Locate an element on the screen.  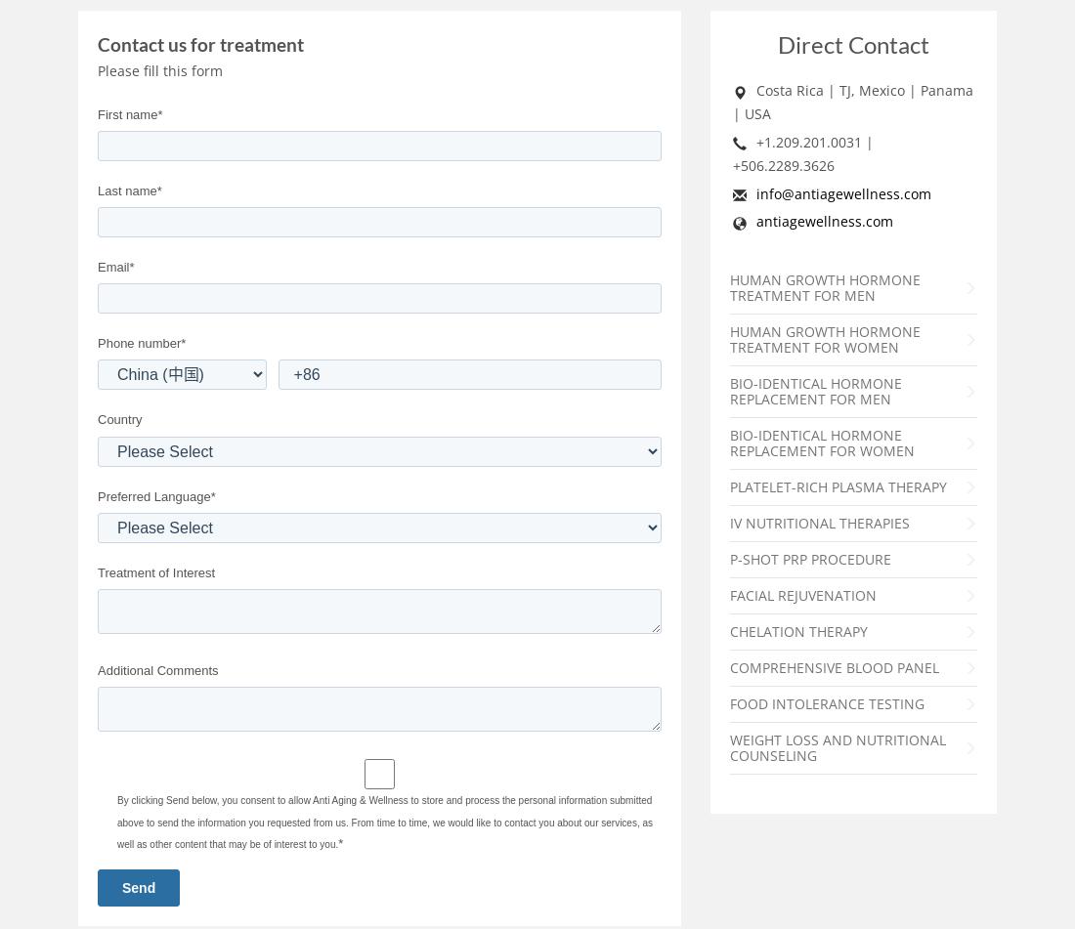
'Facial Rejuvenation' is located at coordinates (802, 594).